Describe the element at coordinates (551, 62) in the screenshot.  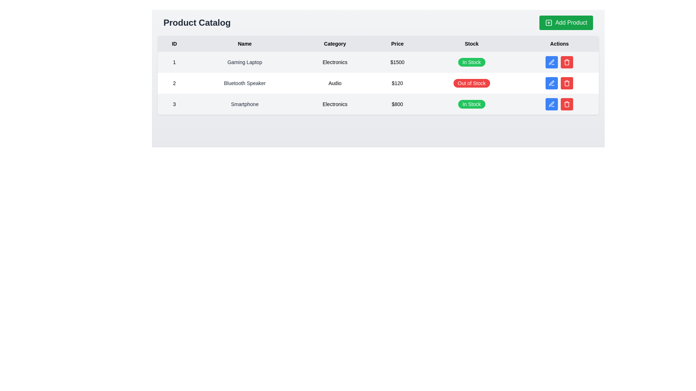
I see `the 'Edit' button with icon in the 'Actions' column of the second row to change its color for visual feedback` at that location.